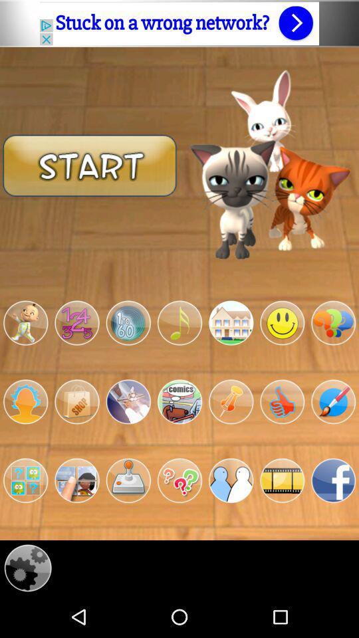 This screenshot has height=638, width=359. What do you see at coordinates (332, 429) in the screenshot?
I see `the edit icon` at bounding box center [332, 429].